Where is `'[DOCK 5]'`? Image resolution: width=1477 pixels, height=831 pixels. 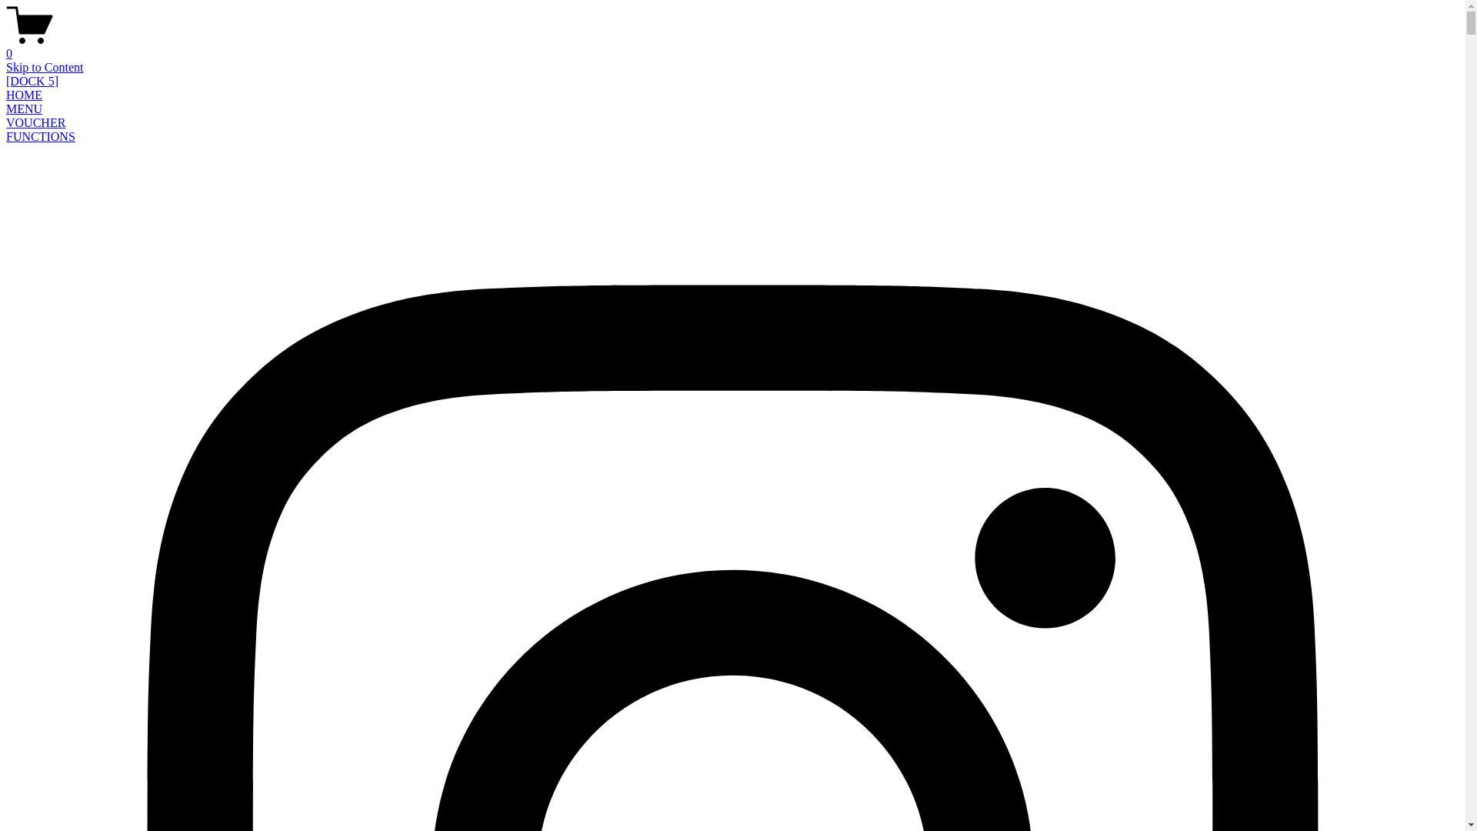
'[DOCK 5]' is located at coordinates (32, 81).